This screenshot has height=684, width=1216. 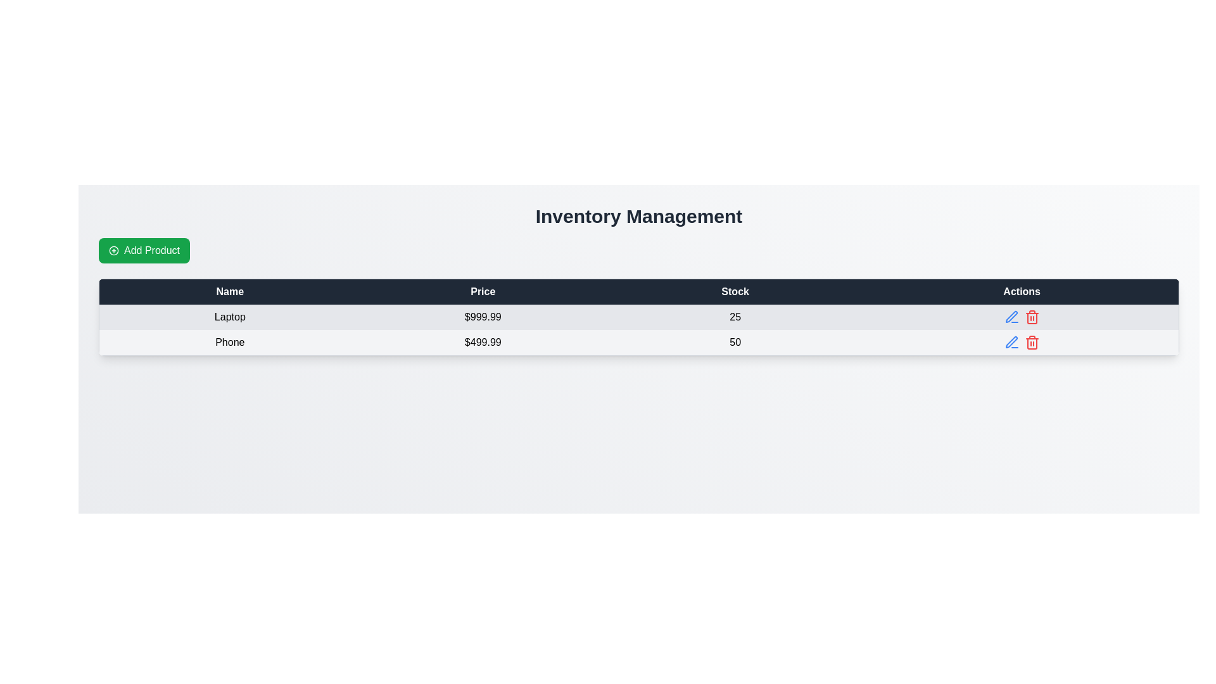 What do you see at coordinates (638, 216) in the screenshot?
I see `the 'Inventory Management' header, which is displayed in bold large font and is centered at the top of the content section` at bounding box center [638, 216].